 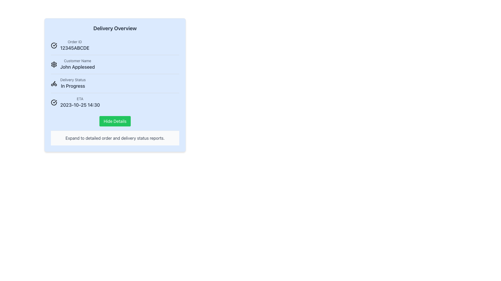 I want to click on the 'Delivery Status' Text Display element, which shows 'In Progress' in a bolder font, located in the third row of the 'Delivery Overview' card between 'Customer Name' and 'ETA', so click(x=73, y=83).